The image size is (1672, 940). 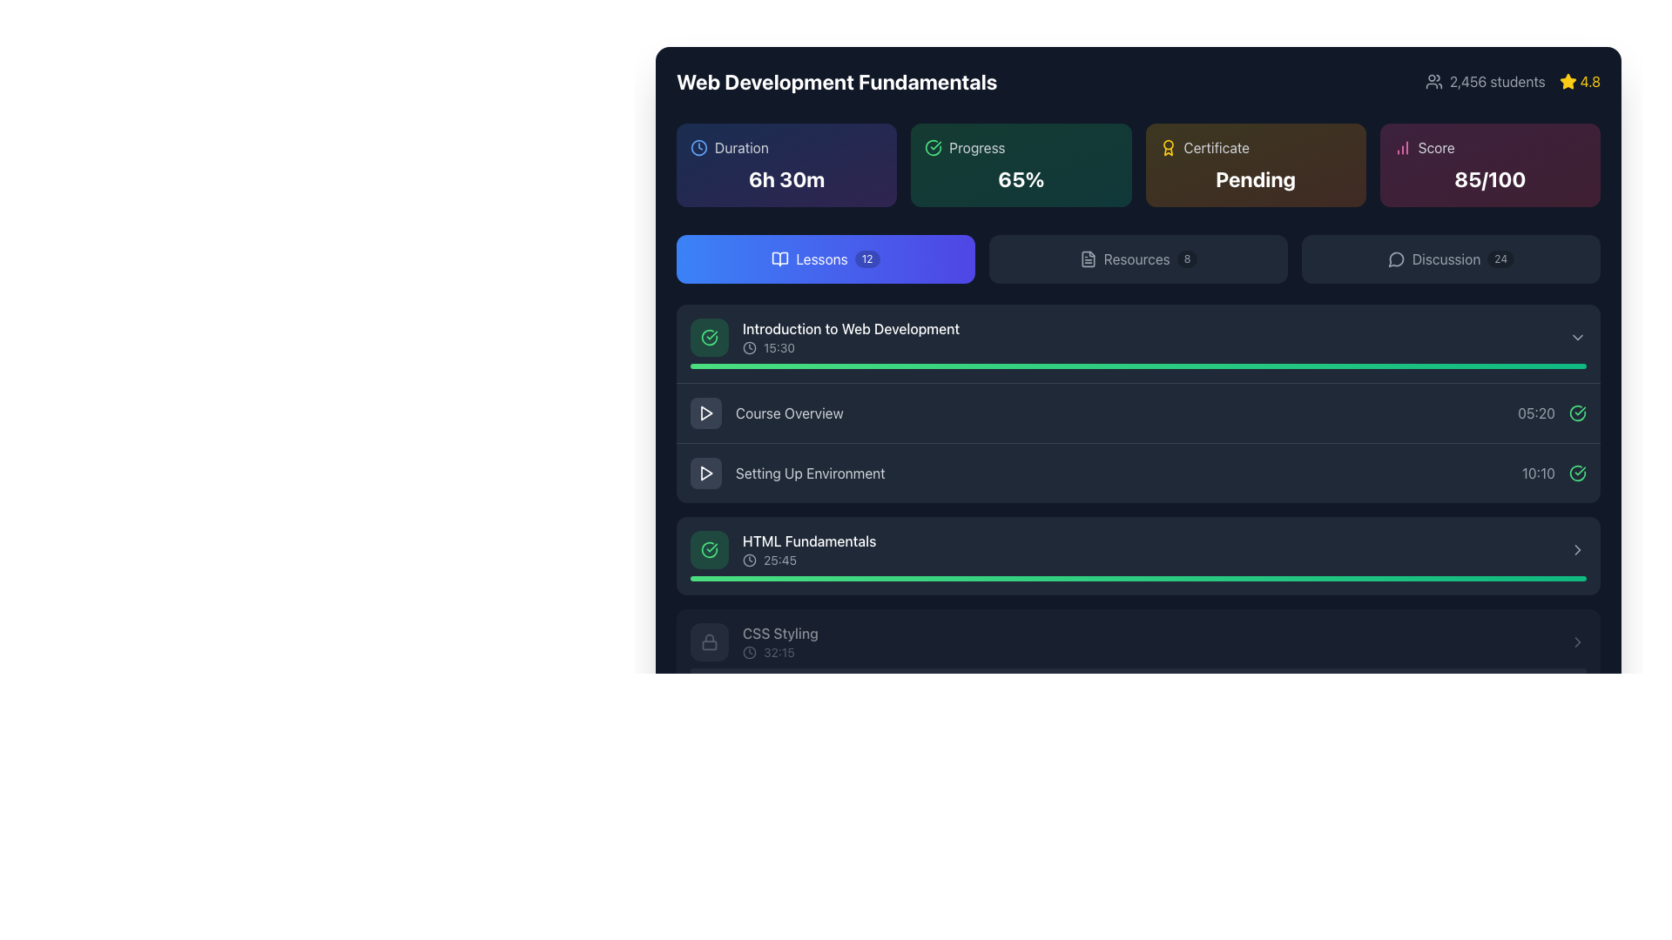 I want to click on the 'Duration' text label, which is a light gray label against a dark background, located in the upper-left section of the interface, so click(x=741, y=146).